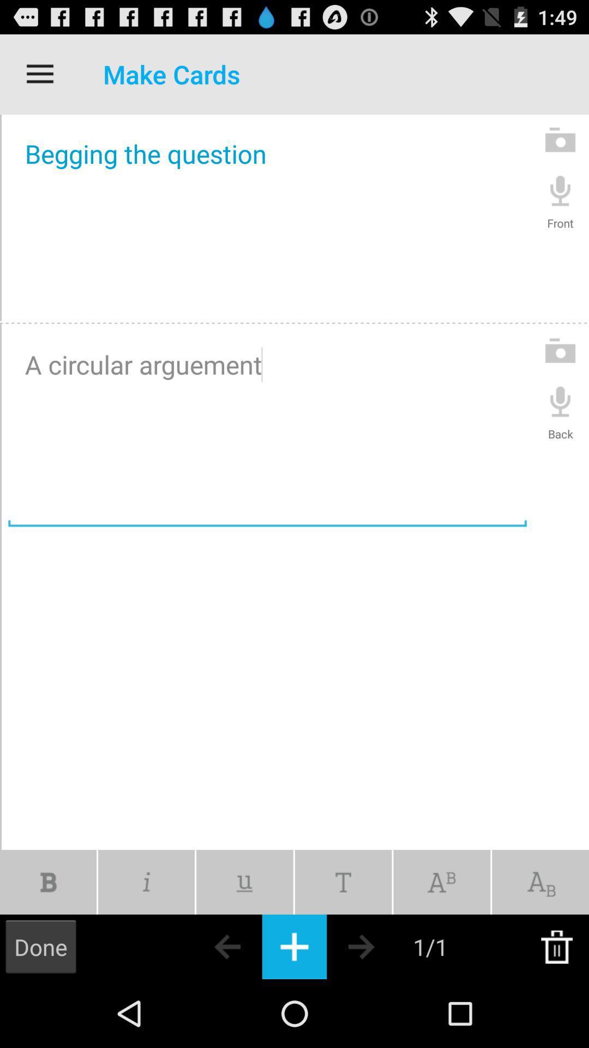 The width and height of the screenshot is (589, 1048). I want to click on the microphone icon, so click(560, 428).